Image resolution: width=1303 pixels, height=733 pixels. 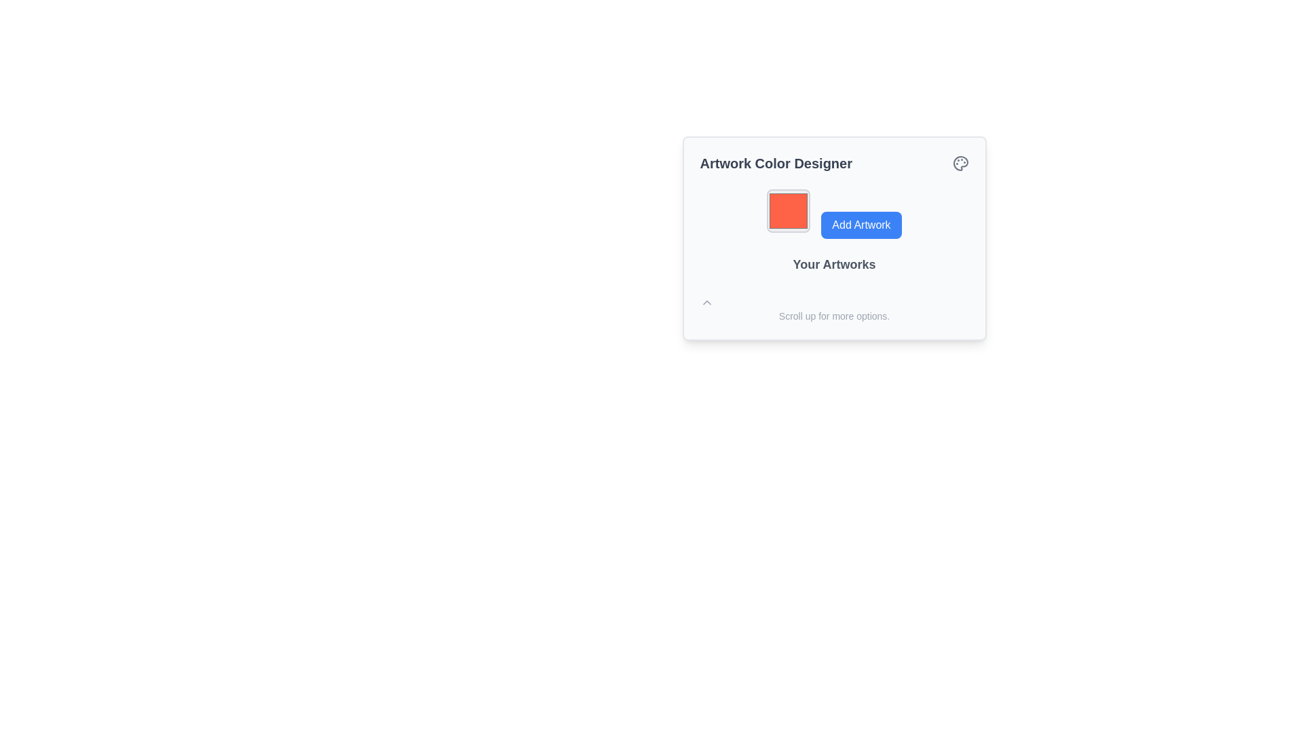 I want to click on the SVG Icon located at the rightmost end of the header section labeled 'Artwork Color Designer', which serves as a decorative representation of the application's functionality, so click(x=960, y=162).